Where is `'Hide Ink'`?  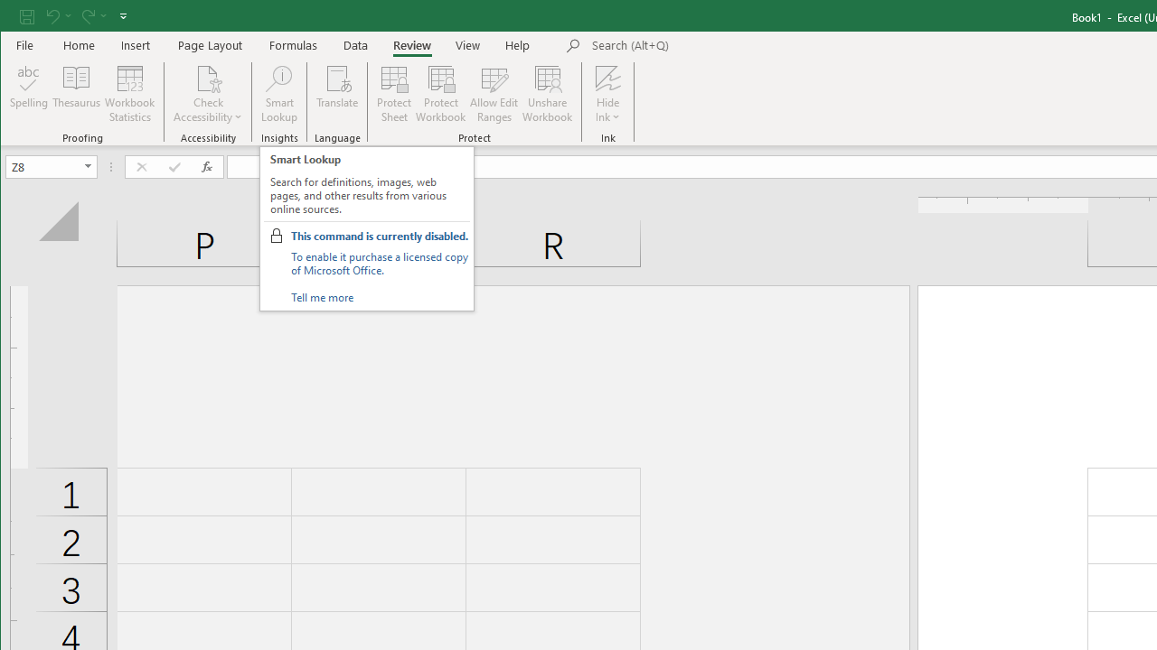 'Hide Ink' is located at coordinates (607, 77).